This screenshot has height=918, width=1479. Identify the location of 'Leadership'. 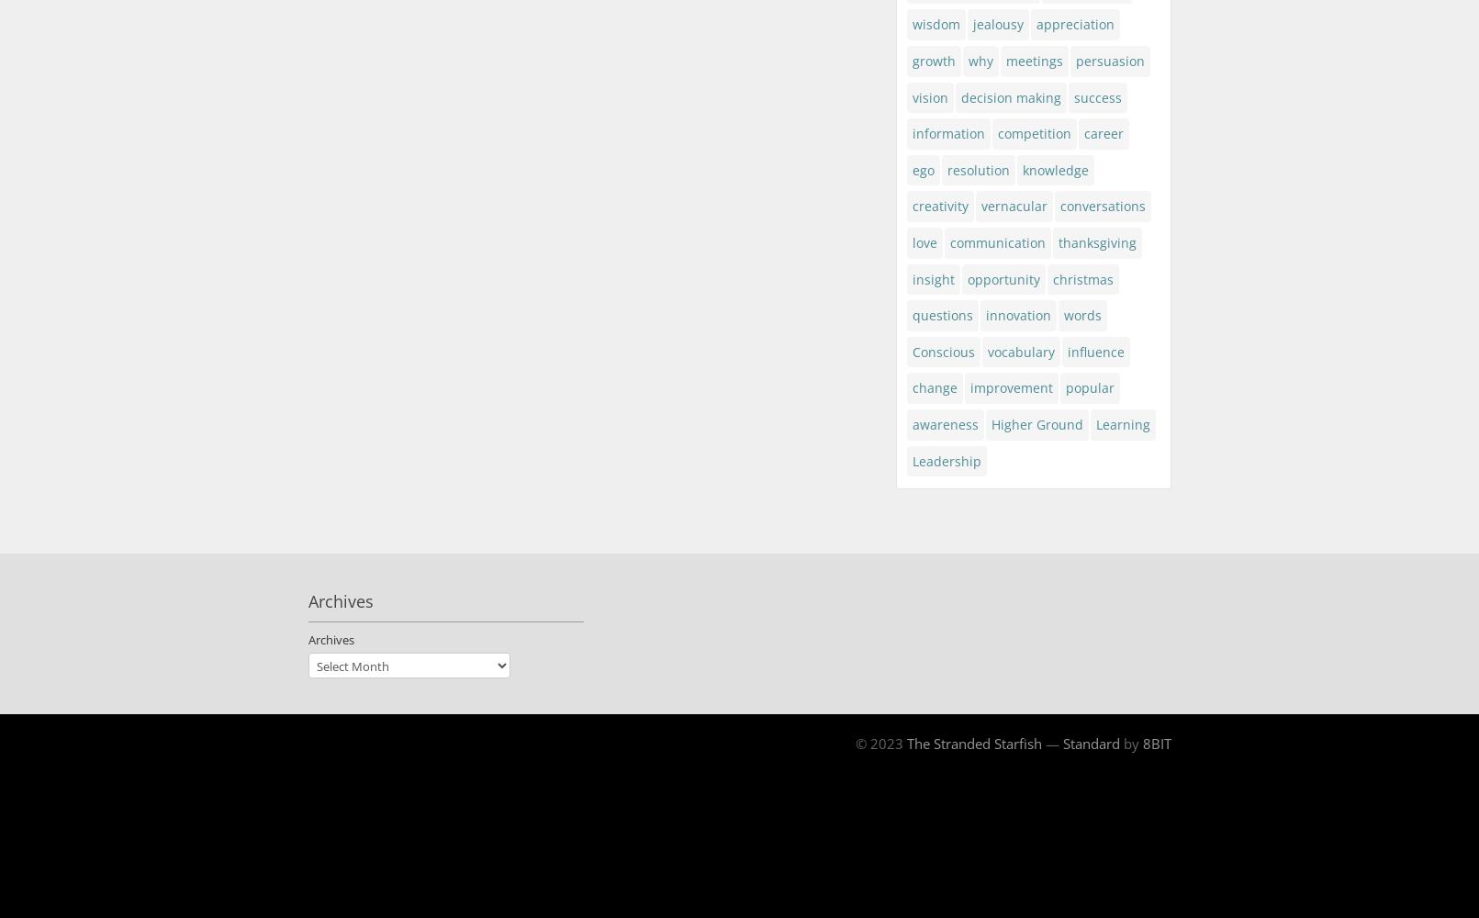
(946, 460).